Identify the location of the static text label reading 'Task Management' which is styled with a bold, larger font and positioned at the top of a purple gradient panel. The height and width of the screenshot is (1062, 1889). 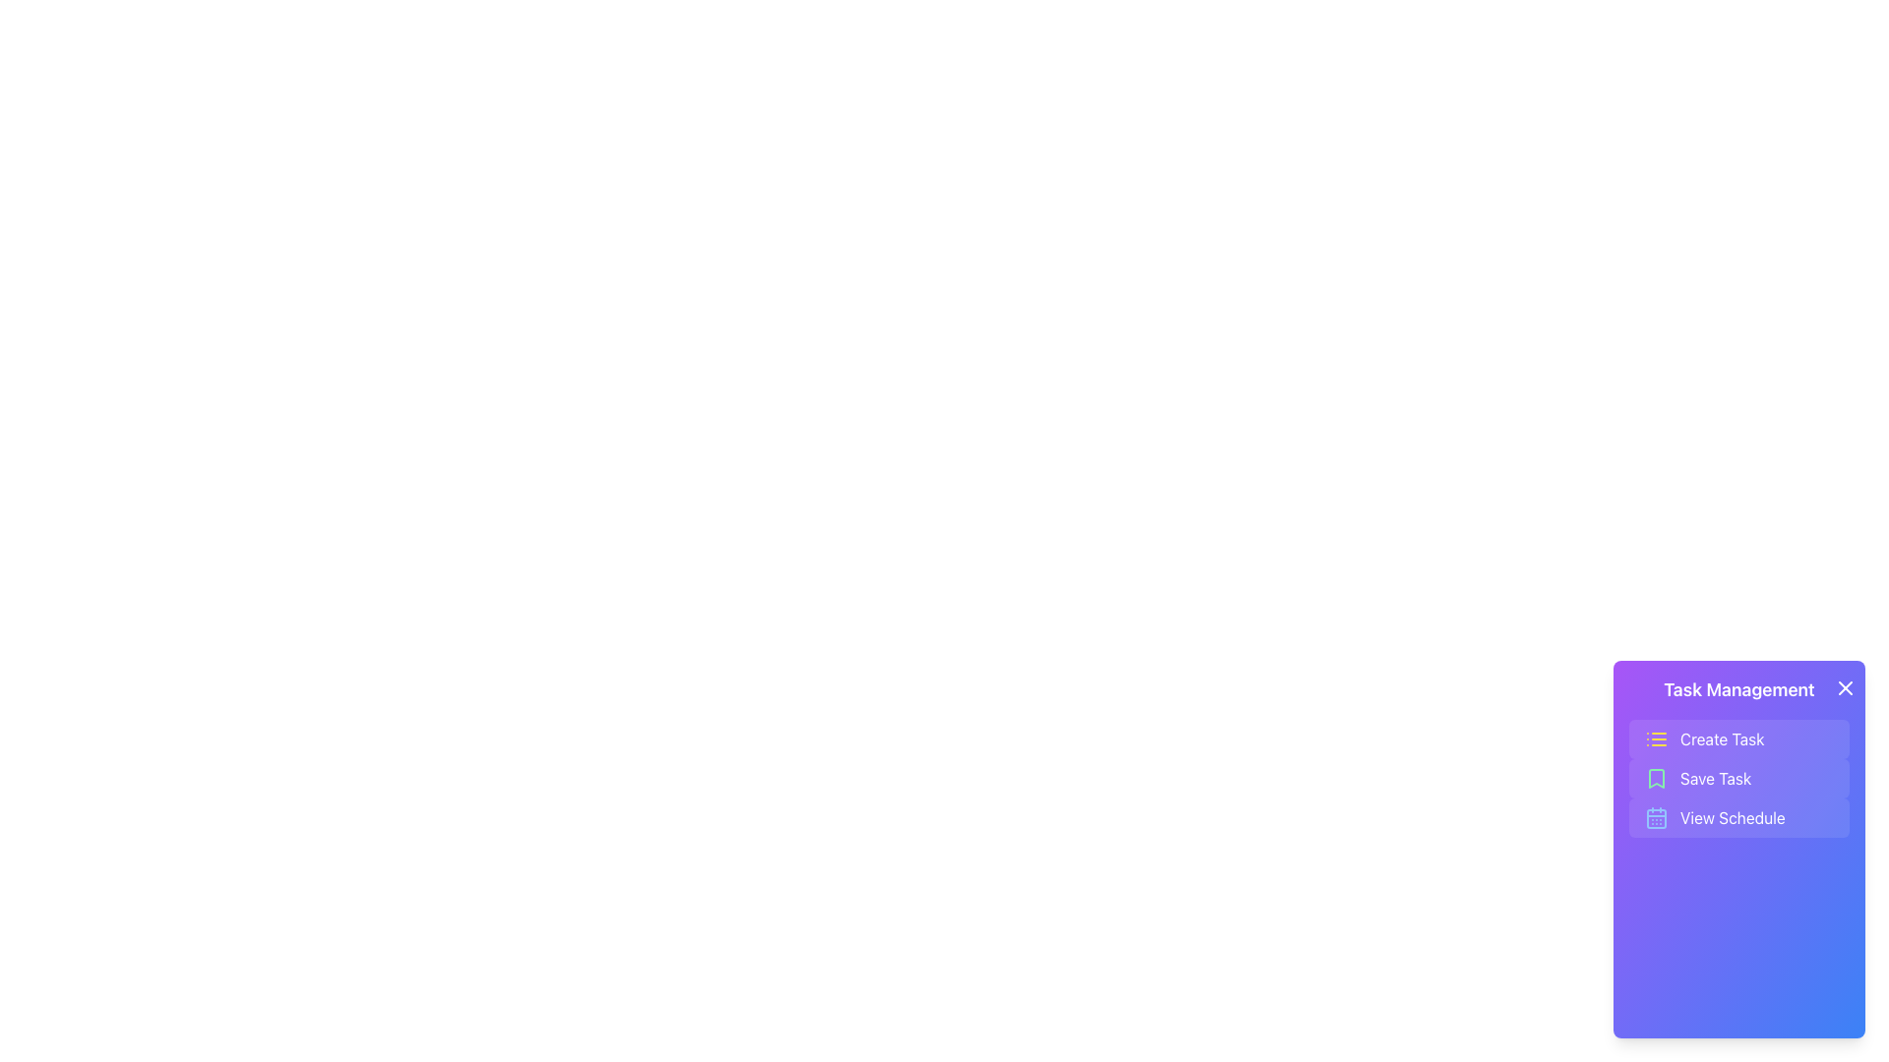
(1738, 689).